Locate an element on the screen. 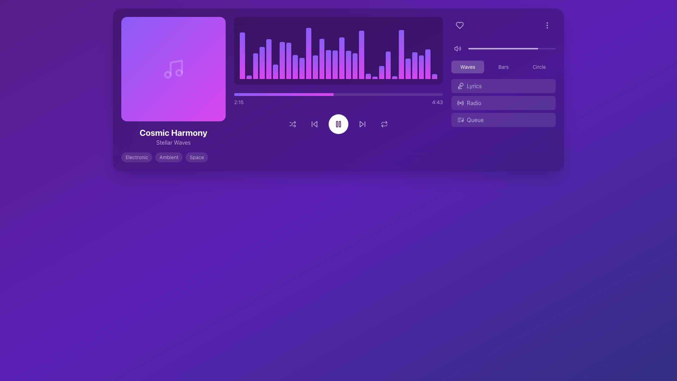 The height and width of the screenshot is (381, 677). the 7th vertical audio bar component, which is styled with a gradient from fuchsia to violet and has rounded edges, located in the visualization section of the music player interface is located at coordinates (282, 60).